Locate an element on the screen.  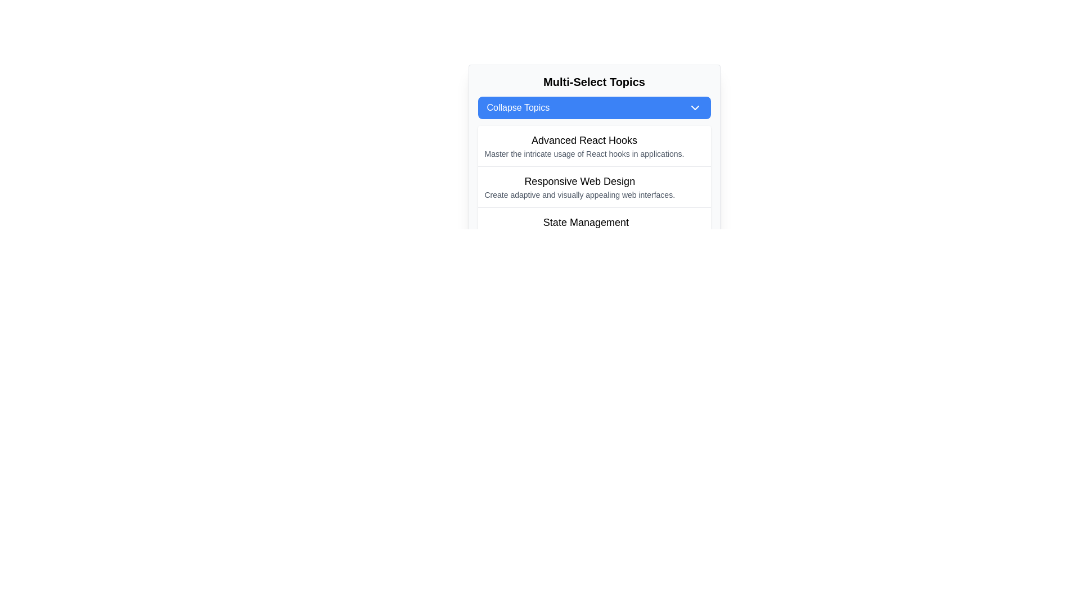
the 'State Management' textual content section within the card component to interact with it is located at coordinates (585, 228).